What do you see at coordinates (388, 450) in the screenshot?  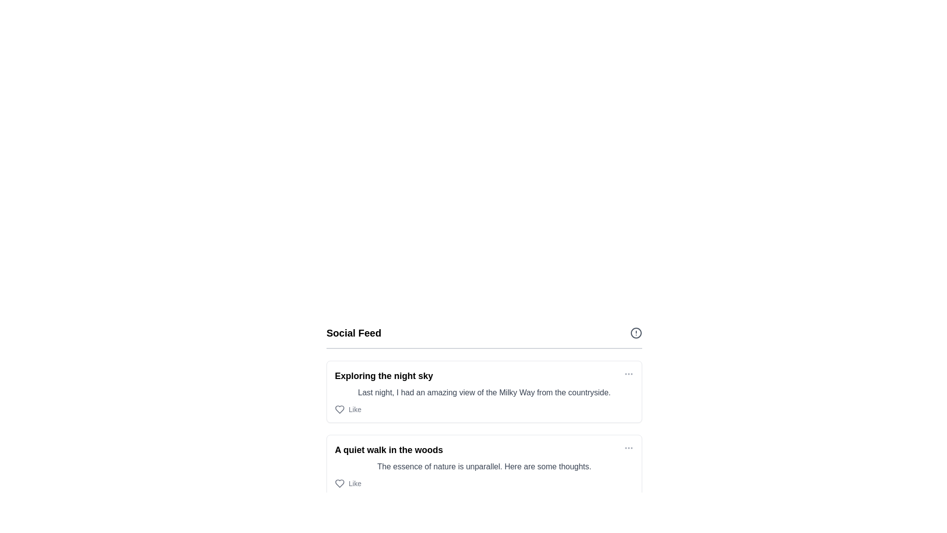 I see `the title of the second post` at bounding box center [388, 450].